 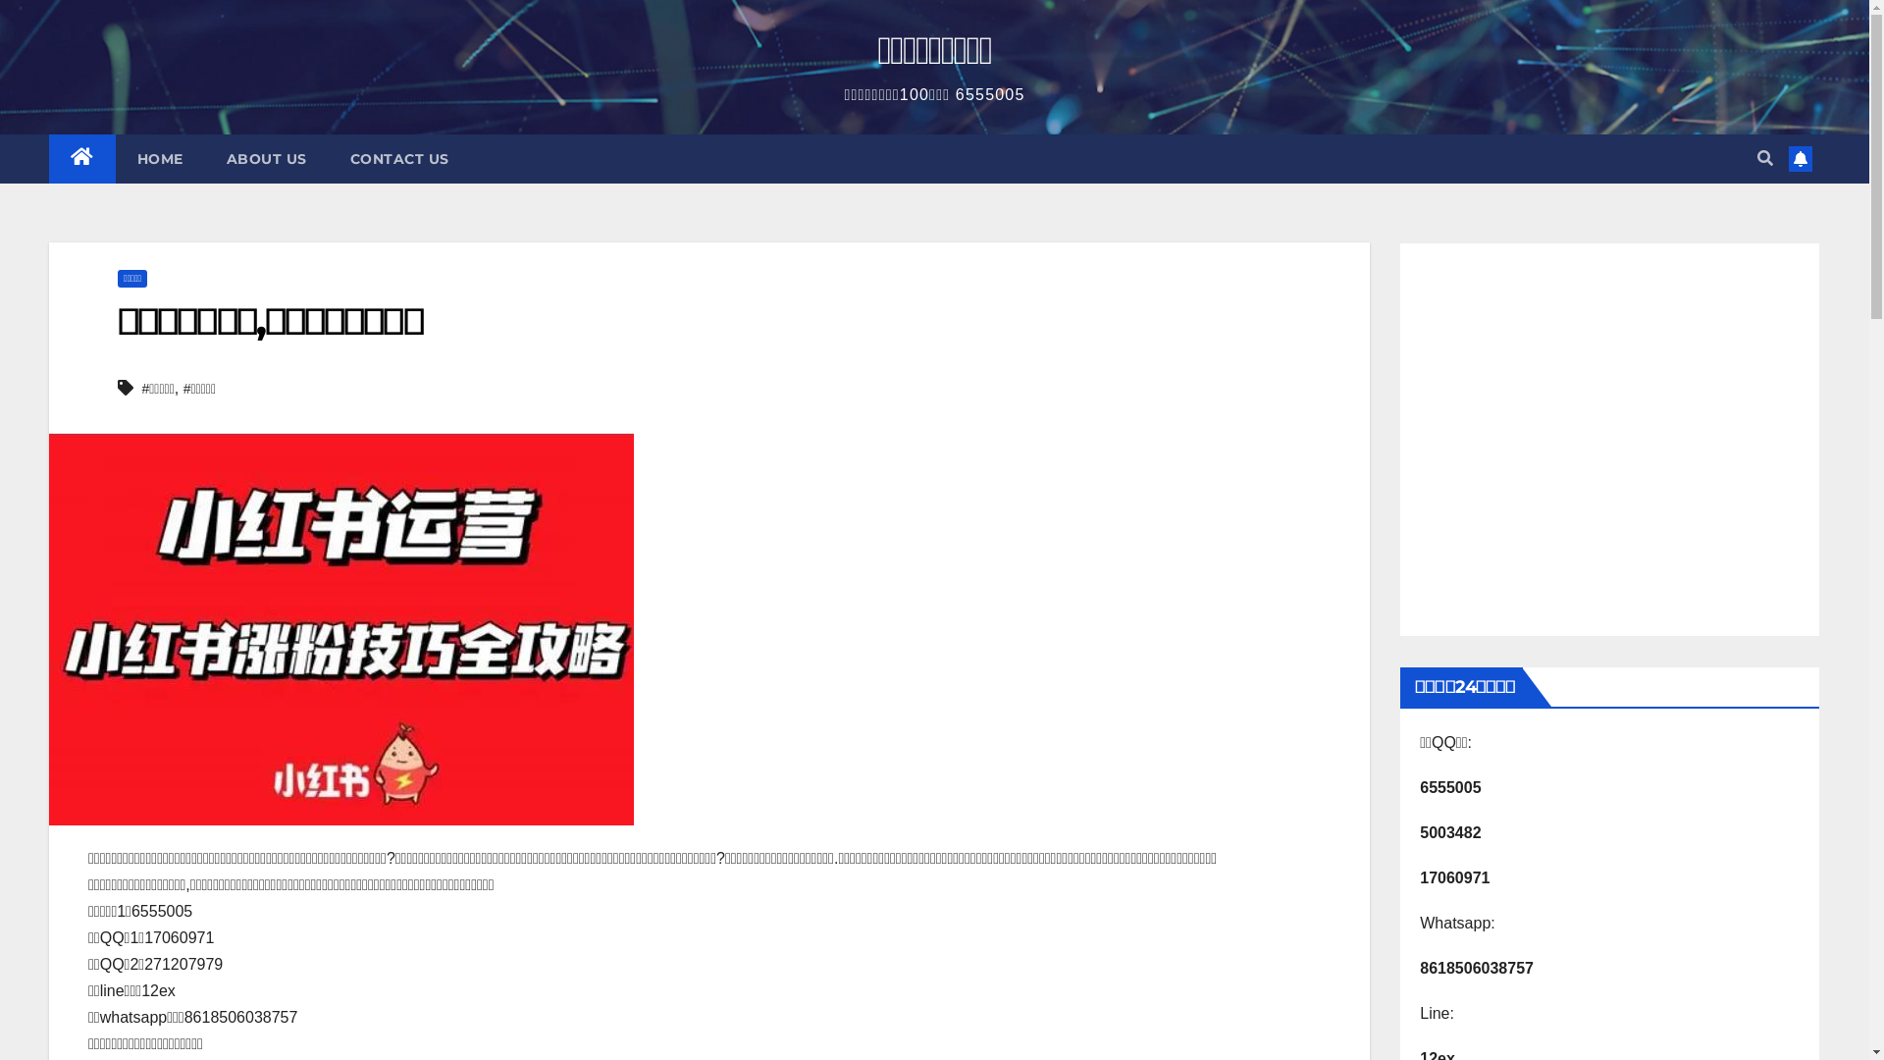 What do you see at coordinates (115, 158) in the screenshot?
I see `'HOME'` at bounding box center [115, 158].